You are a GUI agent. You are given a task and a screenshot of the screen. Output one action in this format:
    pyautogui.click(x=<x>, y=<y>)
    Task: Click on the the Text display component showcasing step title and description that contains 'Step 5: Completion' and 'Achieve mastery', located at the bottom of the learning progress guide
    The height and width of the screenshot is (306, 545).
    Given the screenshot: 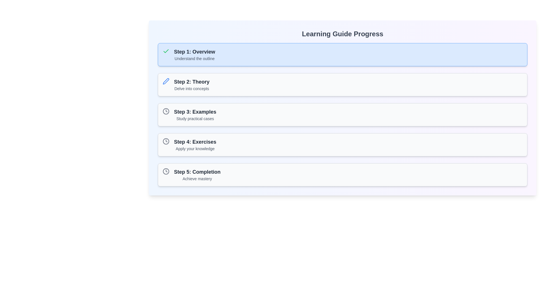 What is the action you would take?
    pyautogui.click(x=197, y=175)
    